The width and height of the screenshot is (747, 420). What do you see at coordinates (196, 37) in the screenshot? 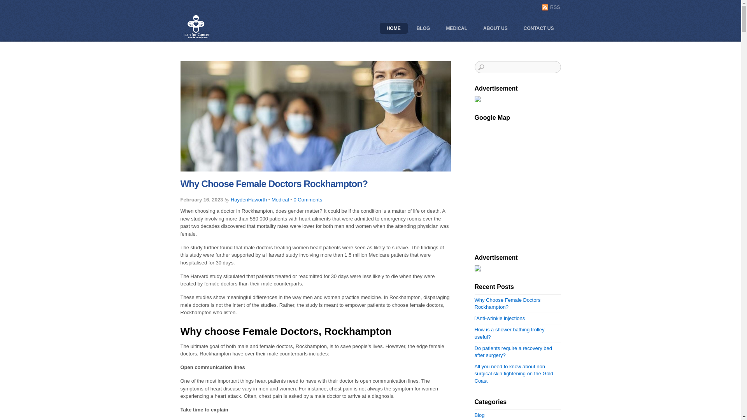
I see `'I can for Cancer'` at bounding box center [196, 37].